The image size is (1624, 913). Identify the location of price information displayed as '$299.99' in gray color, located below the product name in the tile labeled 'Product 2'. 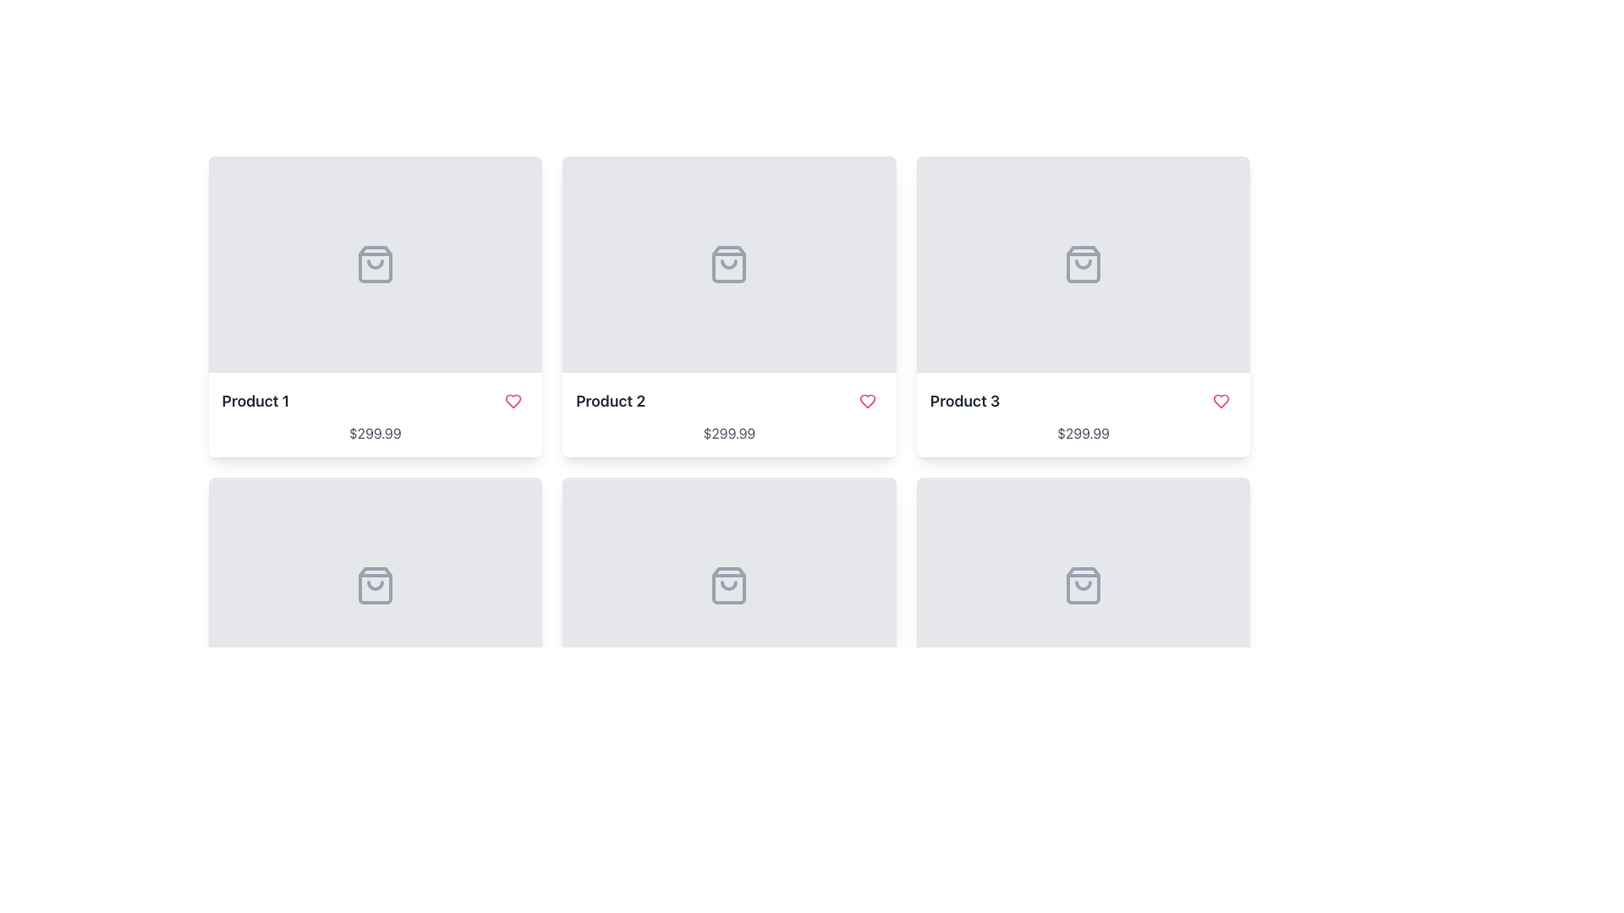
(729, 433).